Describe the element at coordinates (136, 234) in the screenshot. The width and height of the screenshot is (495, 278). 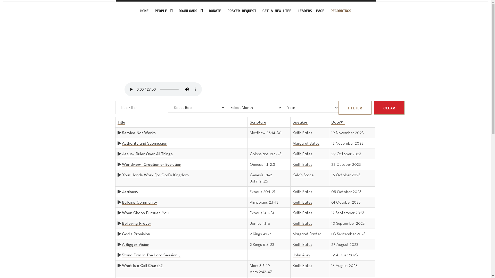
I see `'God's Provision'` at that location.